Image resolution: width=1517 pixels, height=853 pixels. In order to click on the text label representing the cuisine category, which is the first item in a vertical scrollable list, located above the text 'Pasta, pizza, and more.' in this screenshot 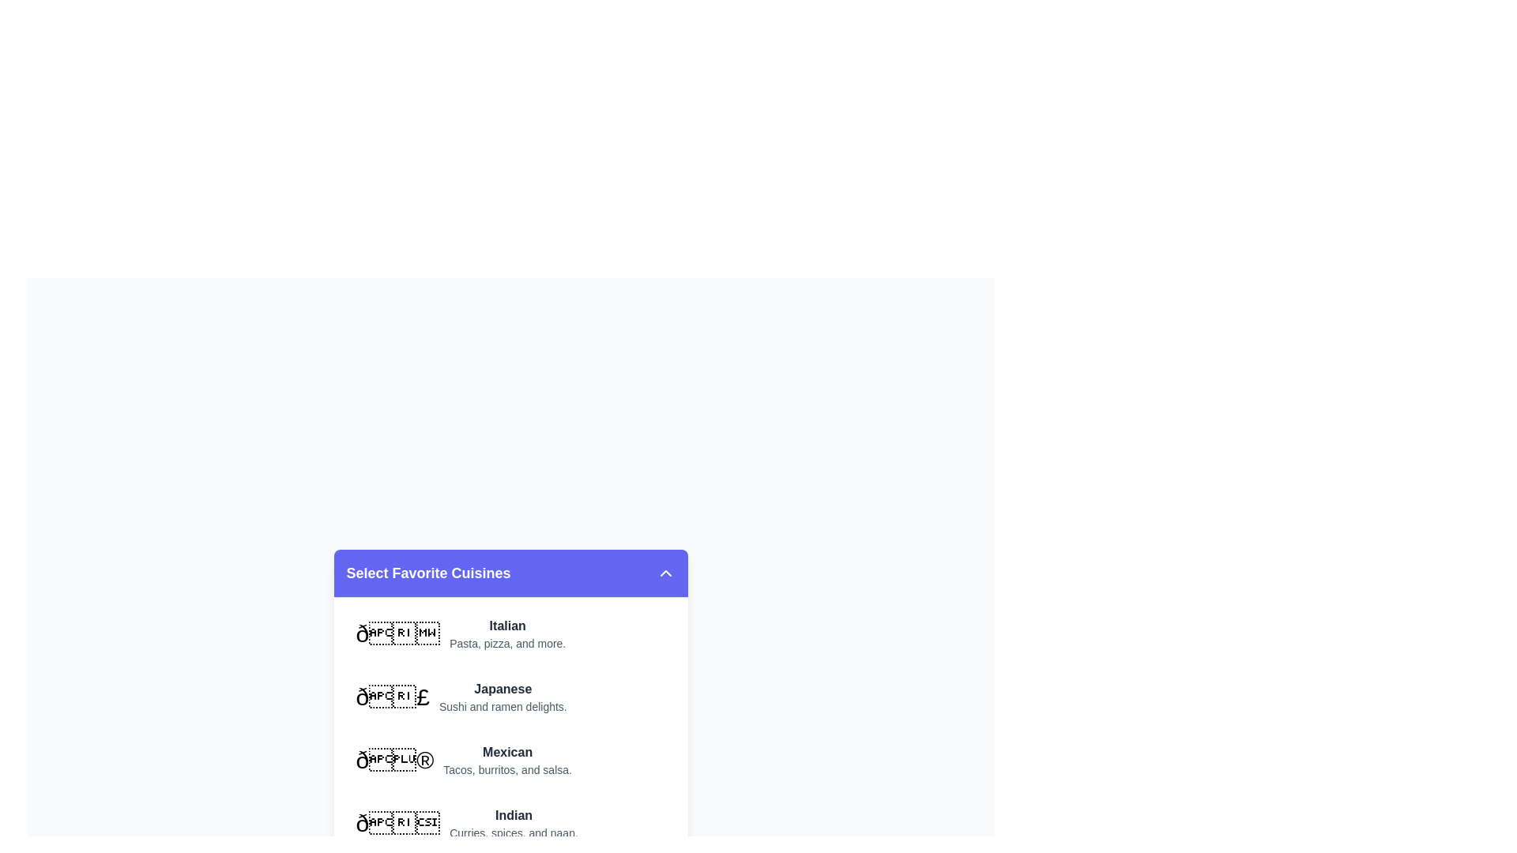, I will do `click(507, 625)`.